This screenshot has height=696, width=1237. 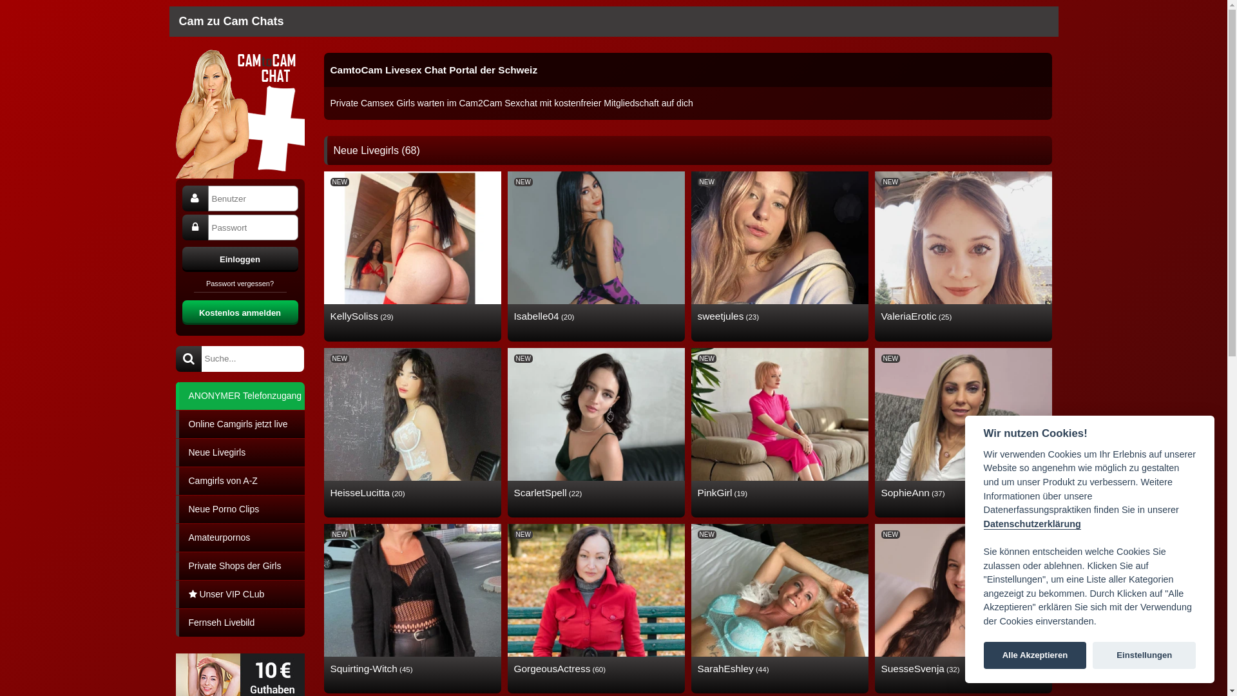 What do you see at coordinates (175, 451) in the screenshot?
I see `'Neue Livegirls'` at bounding box center [175, 451].